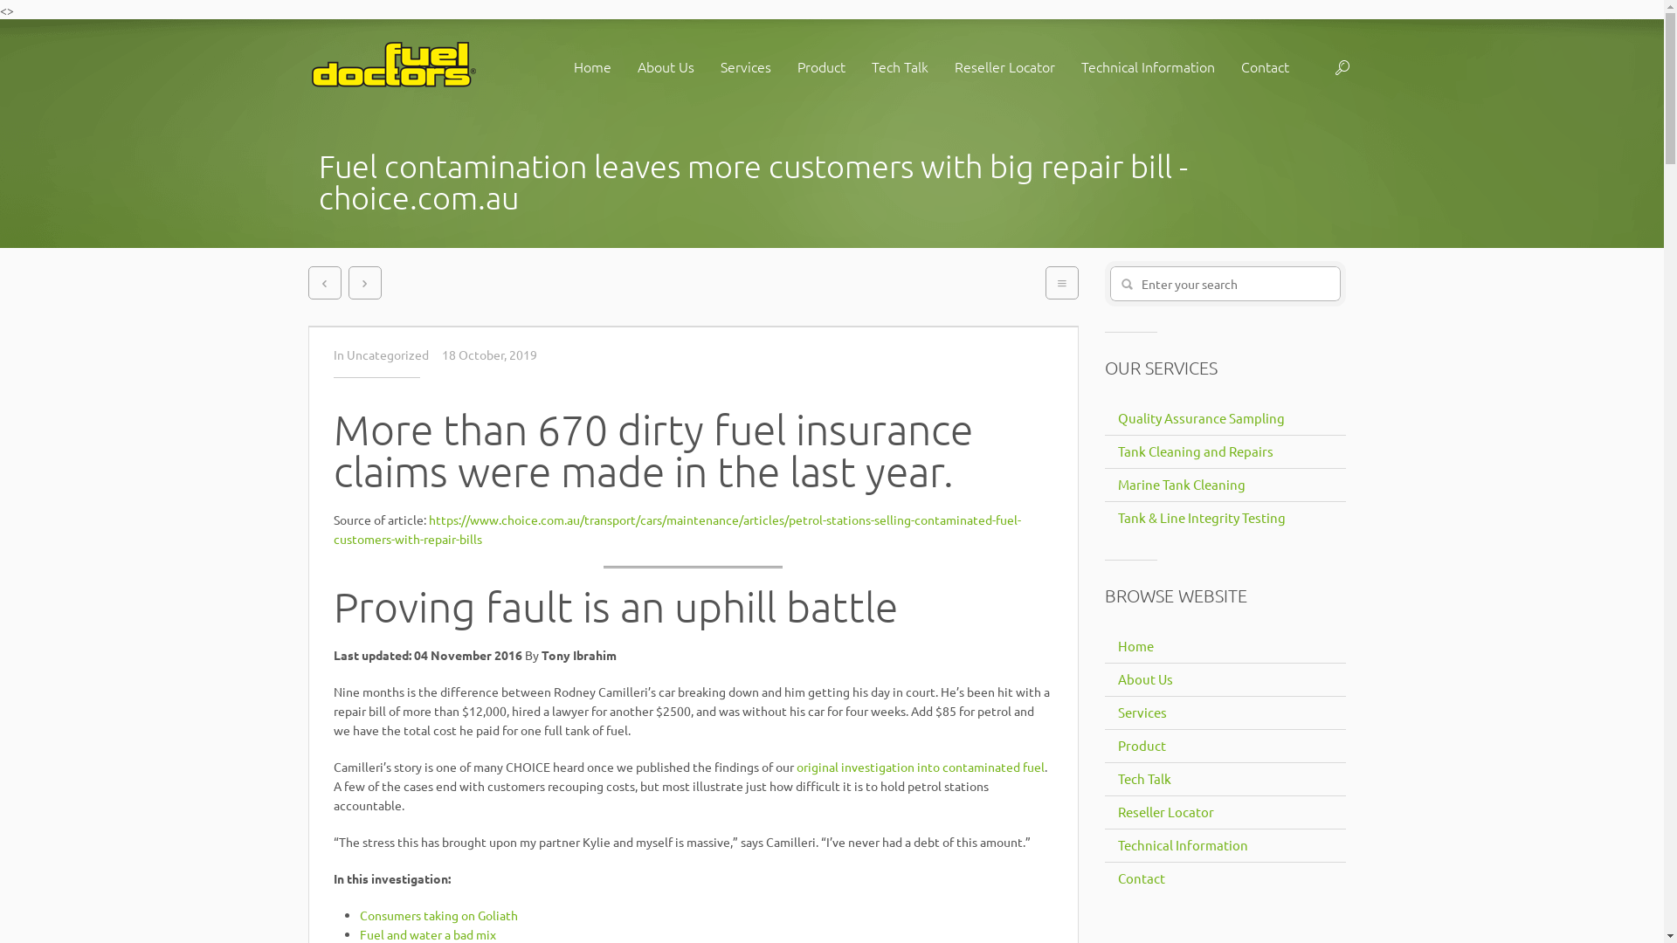  Describe the element at coordinates (1138, 878) in the screenshot. I see `'Contact'` at that location.